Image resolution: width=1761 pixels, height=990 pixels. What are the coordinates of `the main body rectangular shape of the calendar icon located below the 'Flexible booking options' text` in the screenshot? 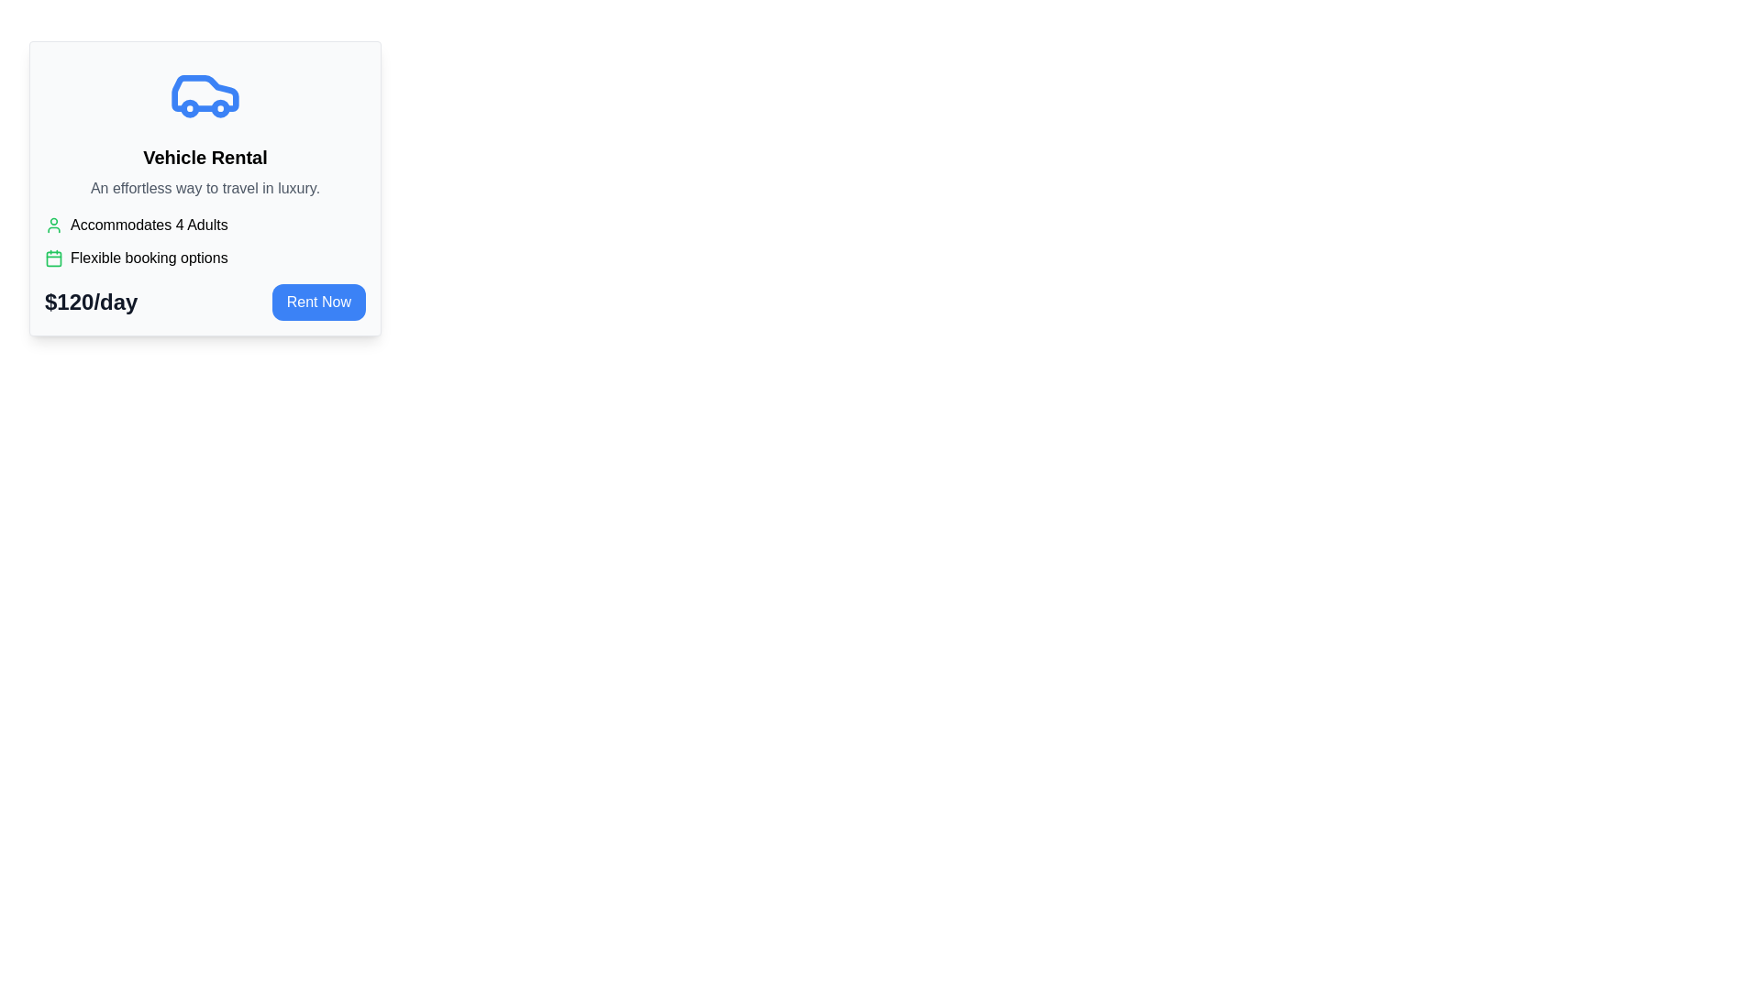 It's located at (53, 258).